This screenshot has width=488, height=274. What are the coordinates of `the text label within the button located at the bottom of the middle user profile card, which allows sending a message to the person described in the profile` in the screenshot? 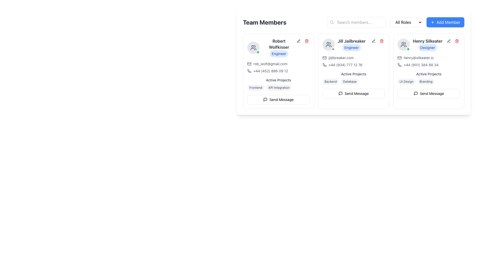 It's located at (356, 94).